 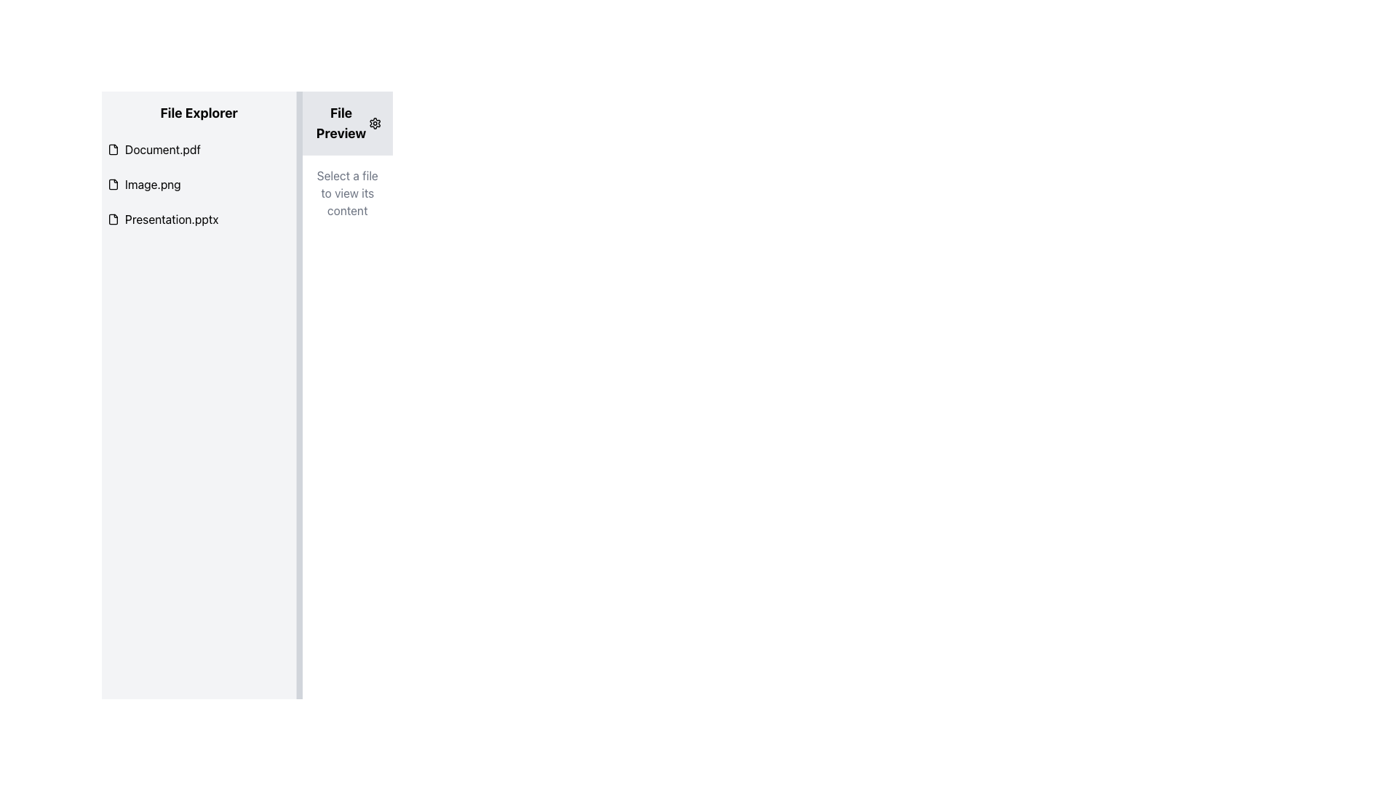 What do you see at coordinates (198, 184) in the screenshot?
I see `the file item labeled 'Image.png' in the File Explorer` at bounding box center [198, 184].